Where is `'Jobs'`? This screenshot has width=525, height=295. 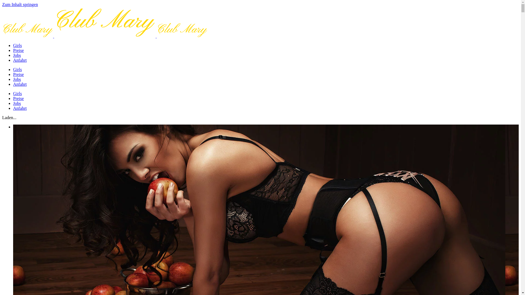
'Jobs' is located at coordinates (17, 103).